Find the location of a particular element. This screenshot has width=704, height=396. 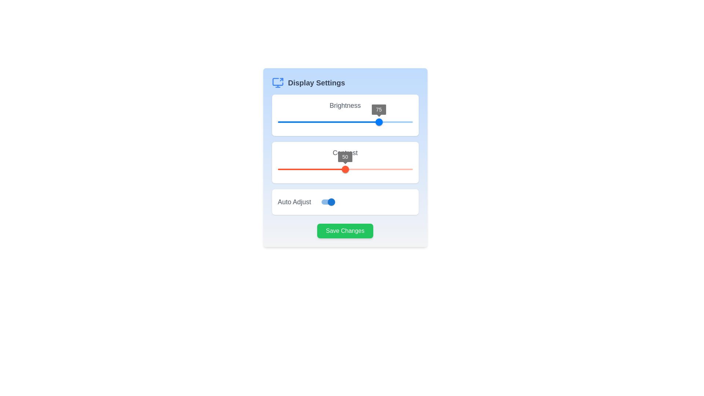

the contrast is located at coordinates (366, 169).